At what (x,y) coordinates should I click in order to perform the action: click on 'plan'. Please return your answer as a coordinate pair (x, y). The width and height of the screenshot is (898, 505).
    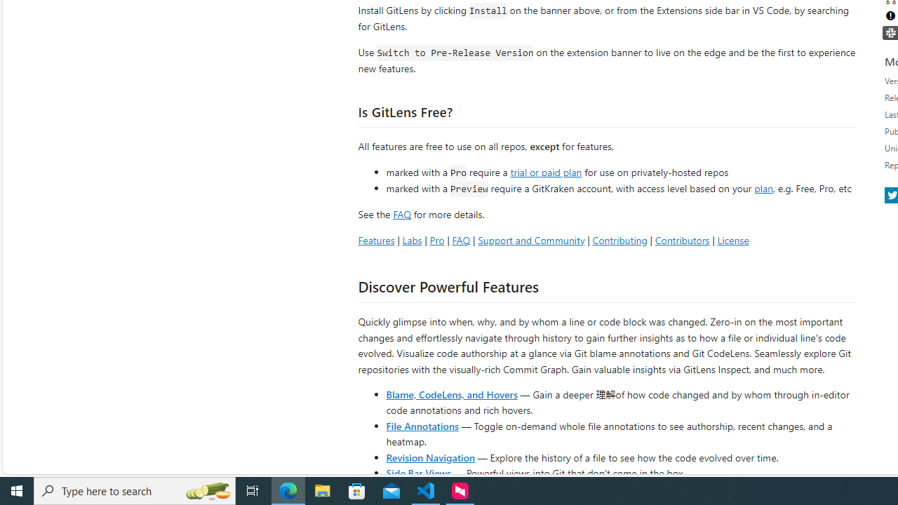
    Looking at the image, I should click on (763, 188).